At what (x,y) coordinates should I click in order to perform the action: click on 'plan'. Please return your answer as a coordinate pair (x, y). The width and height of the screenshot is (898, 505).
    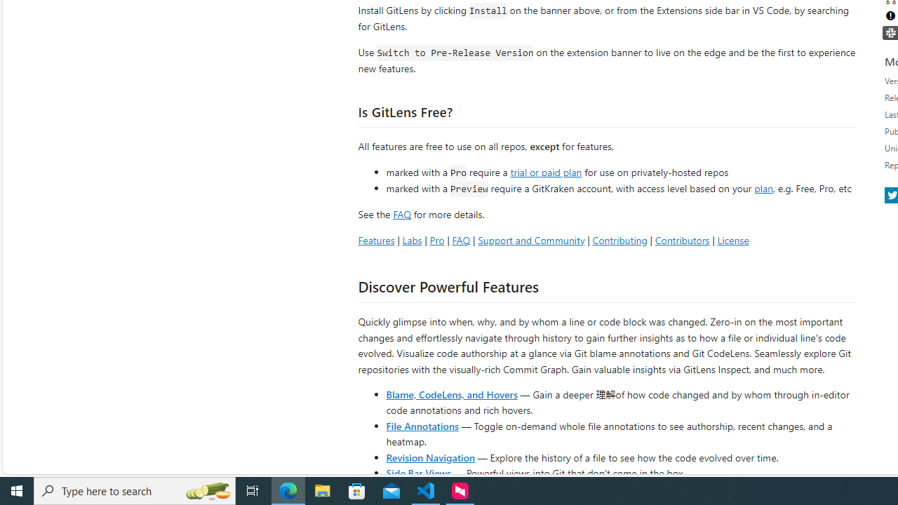
    Looking at the image, I should click on (763, 188).